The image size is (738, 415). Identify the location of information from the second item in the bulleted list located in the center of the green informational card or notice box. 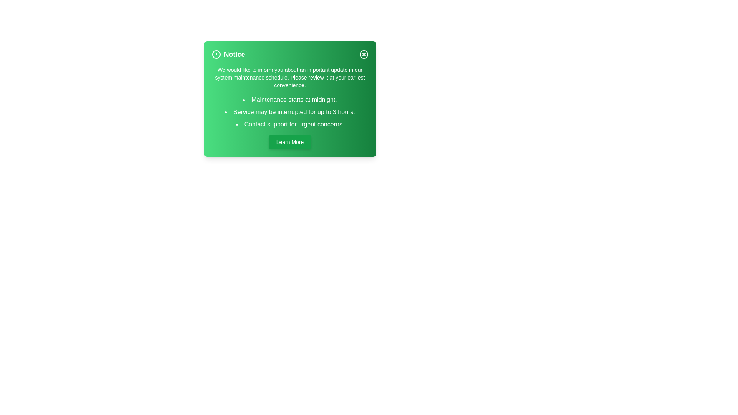
(289, 112).